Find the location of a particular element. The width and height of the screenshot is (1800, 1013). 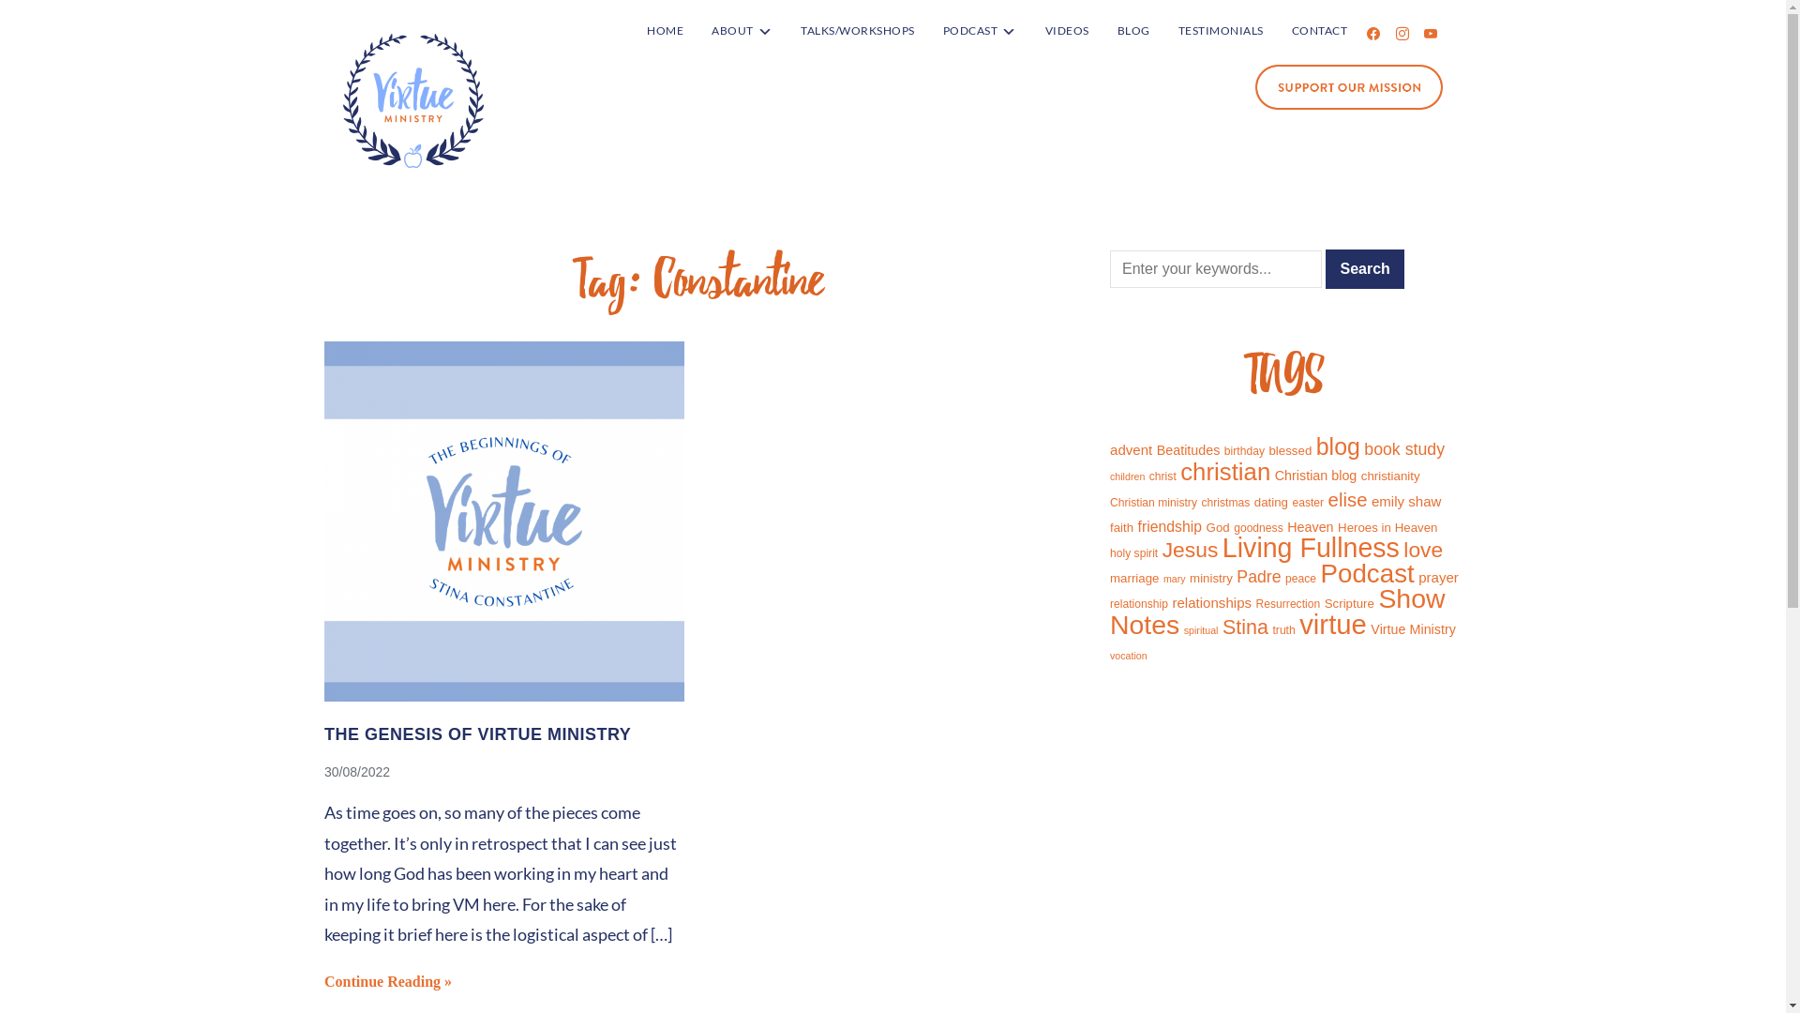

'christmas' is located at coordinates (1224, 502).